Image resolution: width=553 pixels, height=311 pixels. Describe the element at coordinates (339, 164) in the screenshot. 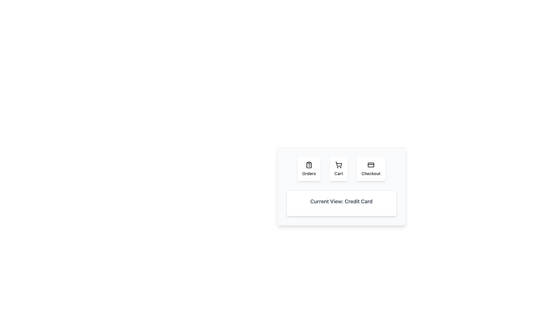

I see `the shopping cart icon located in the middle of the 'Cart' button, which is visually distinguished by its red styling` at that location.